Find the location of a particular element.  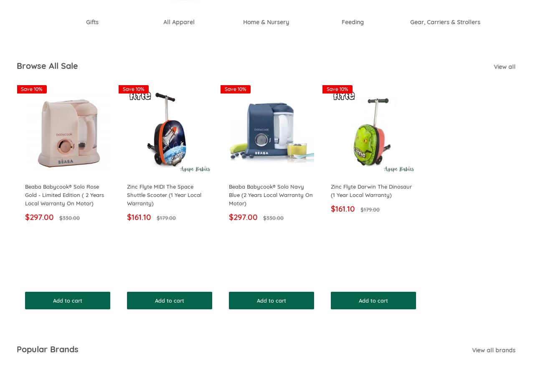

'View all' is located at coordinates (516, 67).